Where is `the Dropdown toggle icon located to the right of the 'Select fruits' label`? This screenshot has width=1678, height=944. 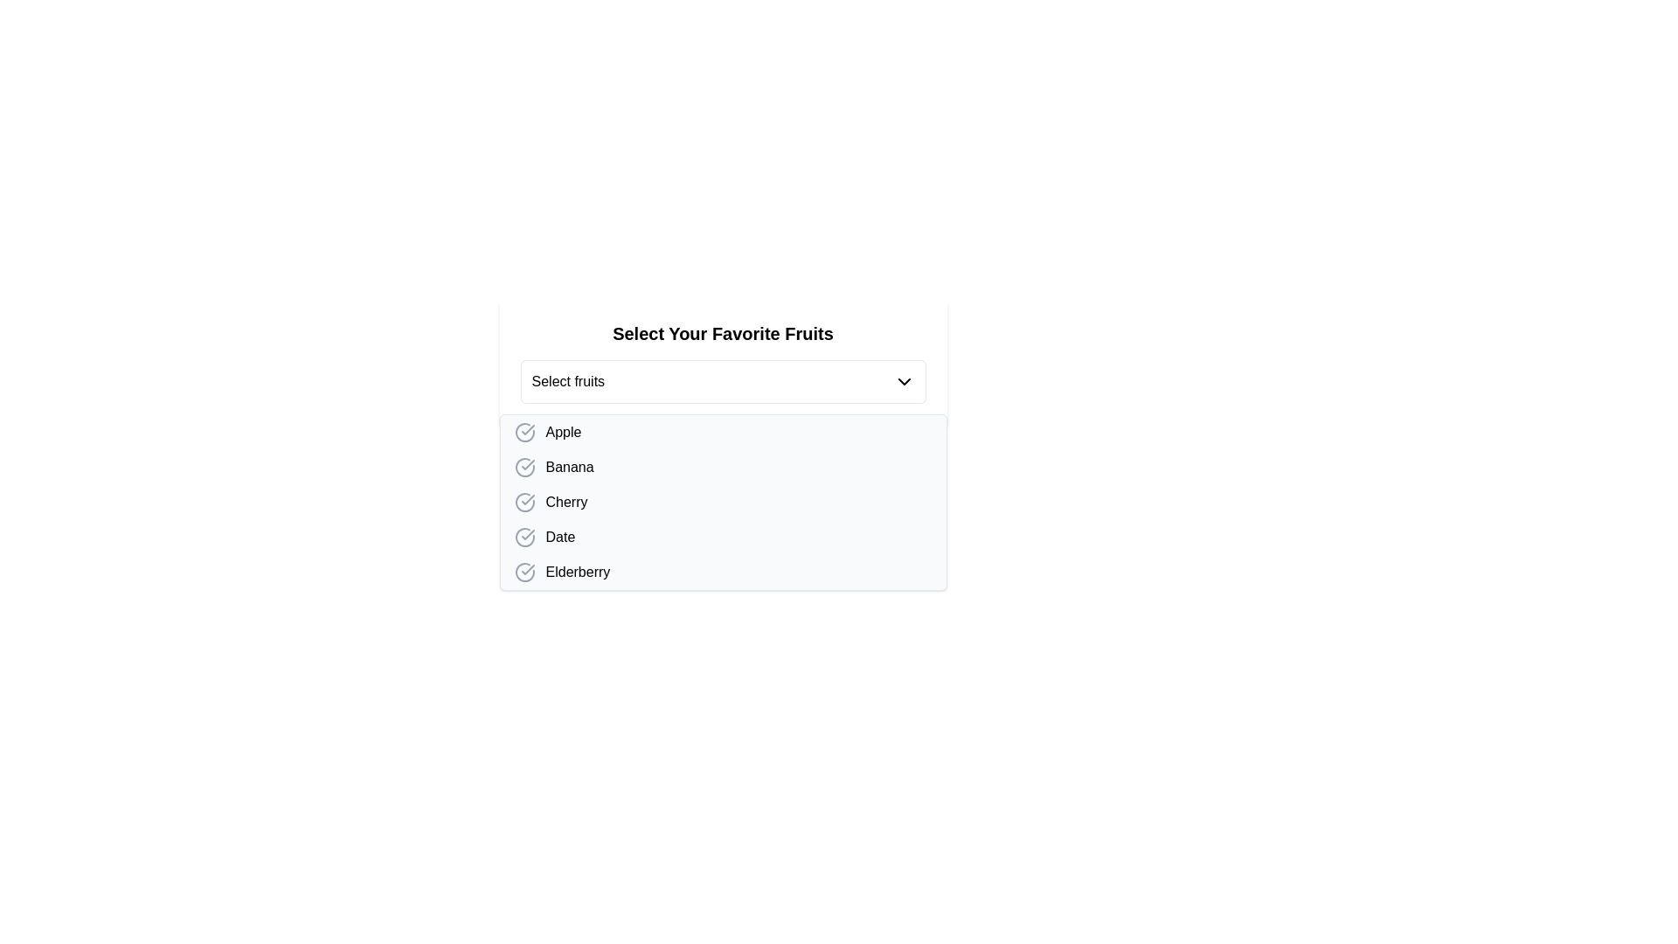 the Dropdown toggle icon located to the right of the 'Select fruits' label is located at coordinates (904, 380).